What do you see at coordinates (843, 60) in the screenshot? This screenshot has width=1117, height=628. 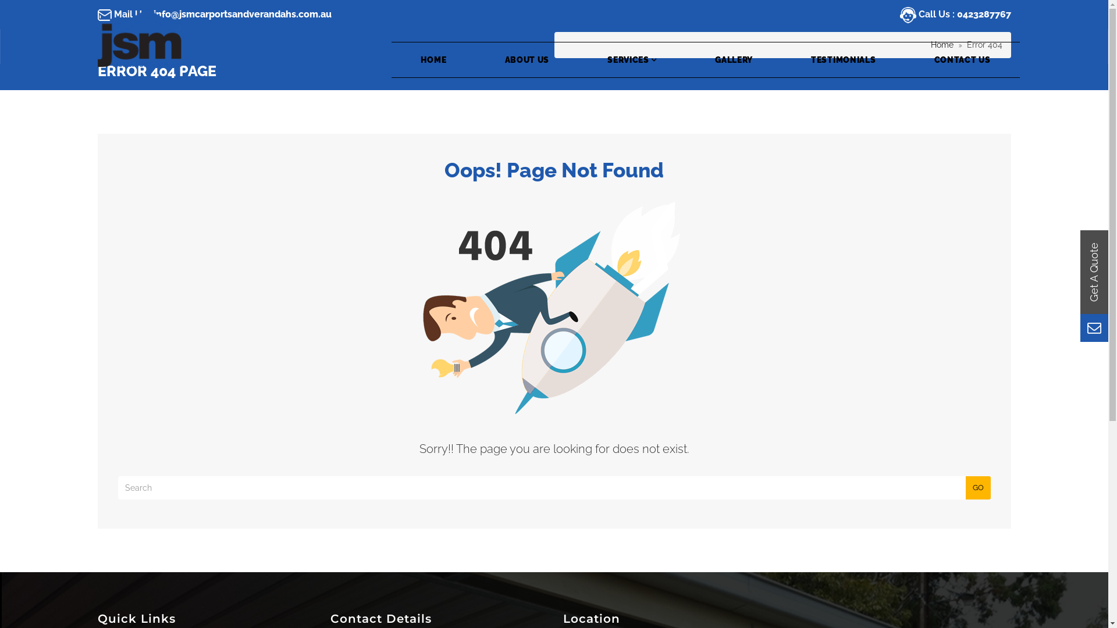 I see `'TESTIMONIALS'` at bounding box center [843, 60].